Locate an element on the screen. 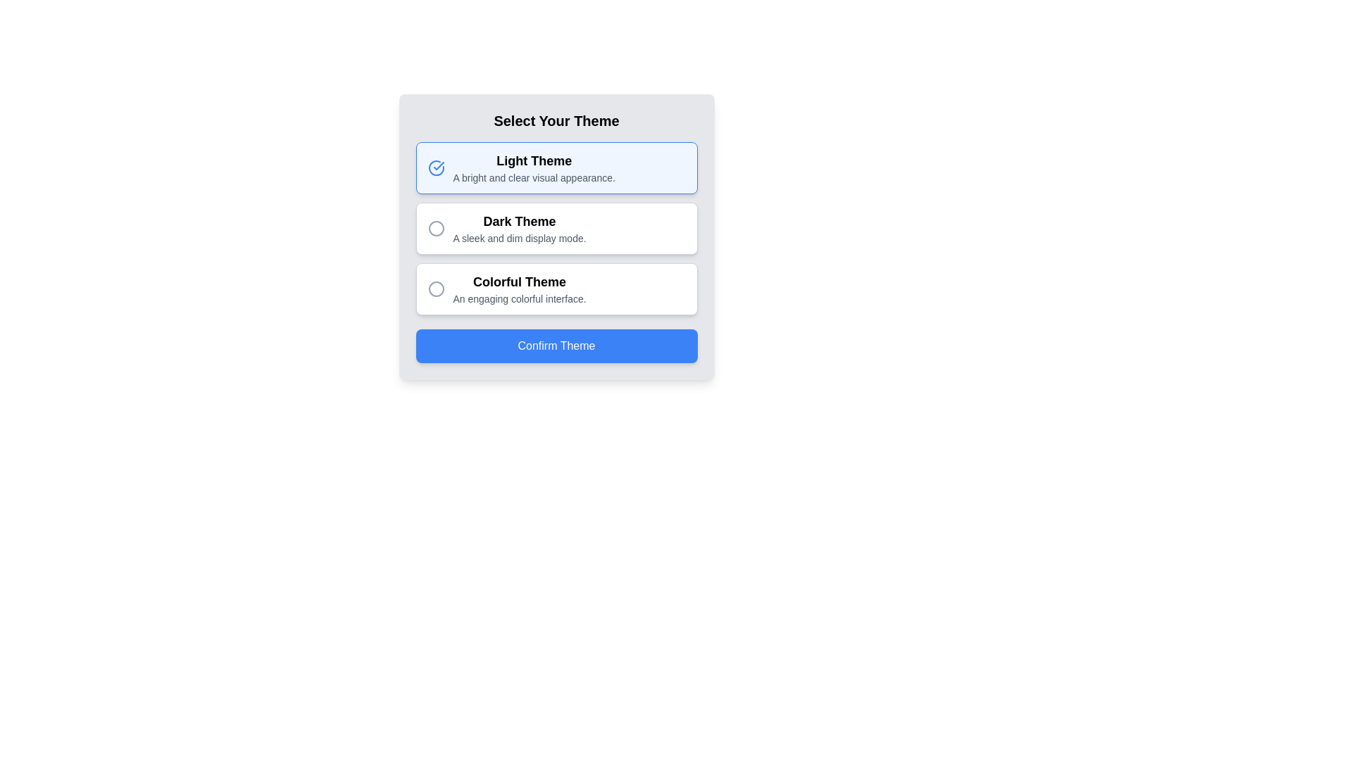  the 'Light Theme' option which is represented by a circular arc inside a blue-bordered interactive component is located at coordinates (435, 167).